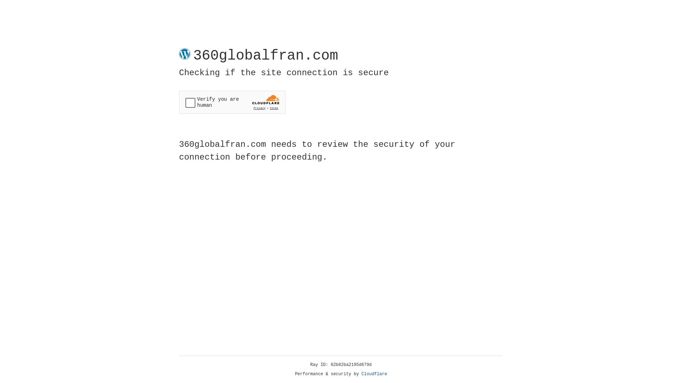 The height and width of the screenshot is (383, 682). I want to click on 'Widget containing a Cloudflare security challenge', so click(232, 102).